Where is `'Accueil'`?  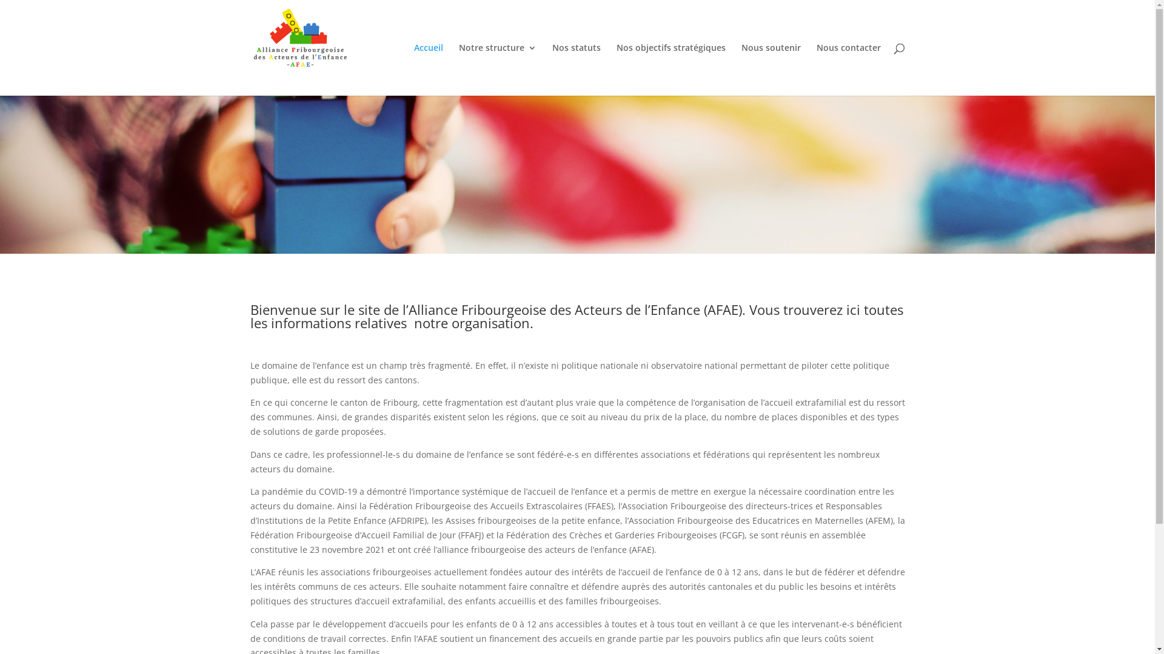
'Accueil' is located at coordinates (427, 70).